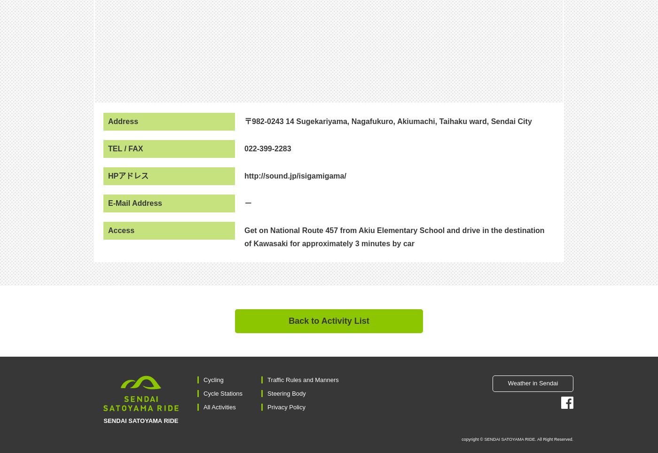 The image size is (658, 453). Describe the element at coordinates (108, 120) in the screenshot. I see `'Address'` at that location.